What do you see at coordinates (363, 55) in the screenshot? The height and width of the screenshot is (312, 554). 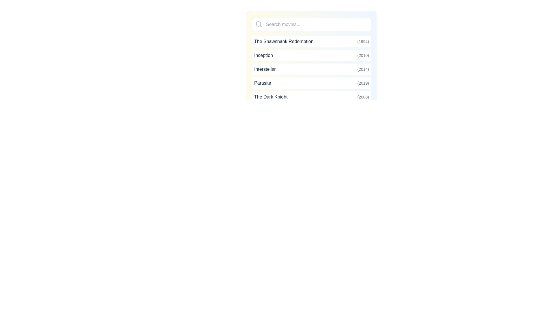 I see `the text label displaying the year associated with the movie title 'Inception', which is located in the second row of the vertical list of movie titles, to the right of 'Inception'` at bounding box center [363, 55].